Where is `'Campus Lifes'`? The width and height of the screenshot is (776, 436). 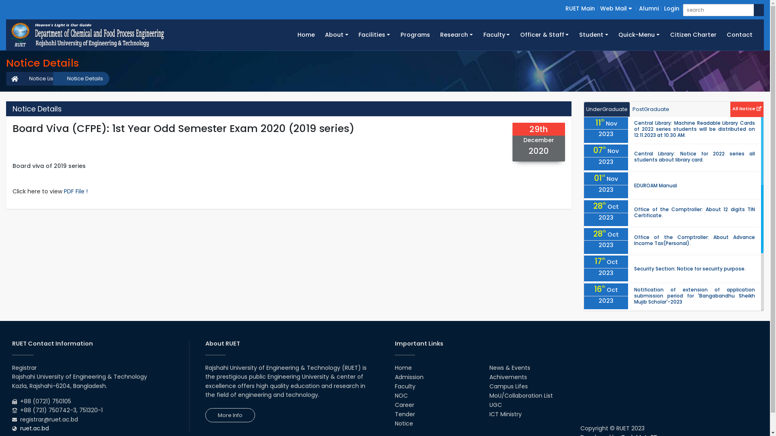
'Campus Lifes' is located at coordinates (508, 386).